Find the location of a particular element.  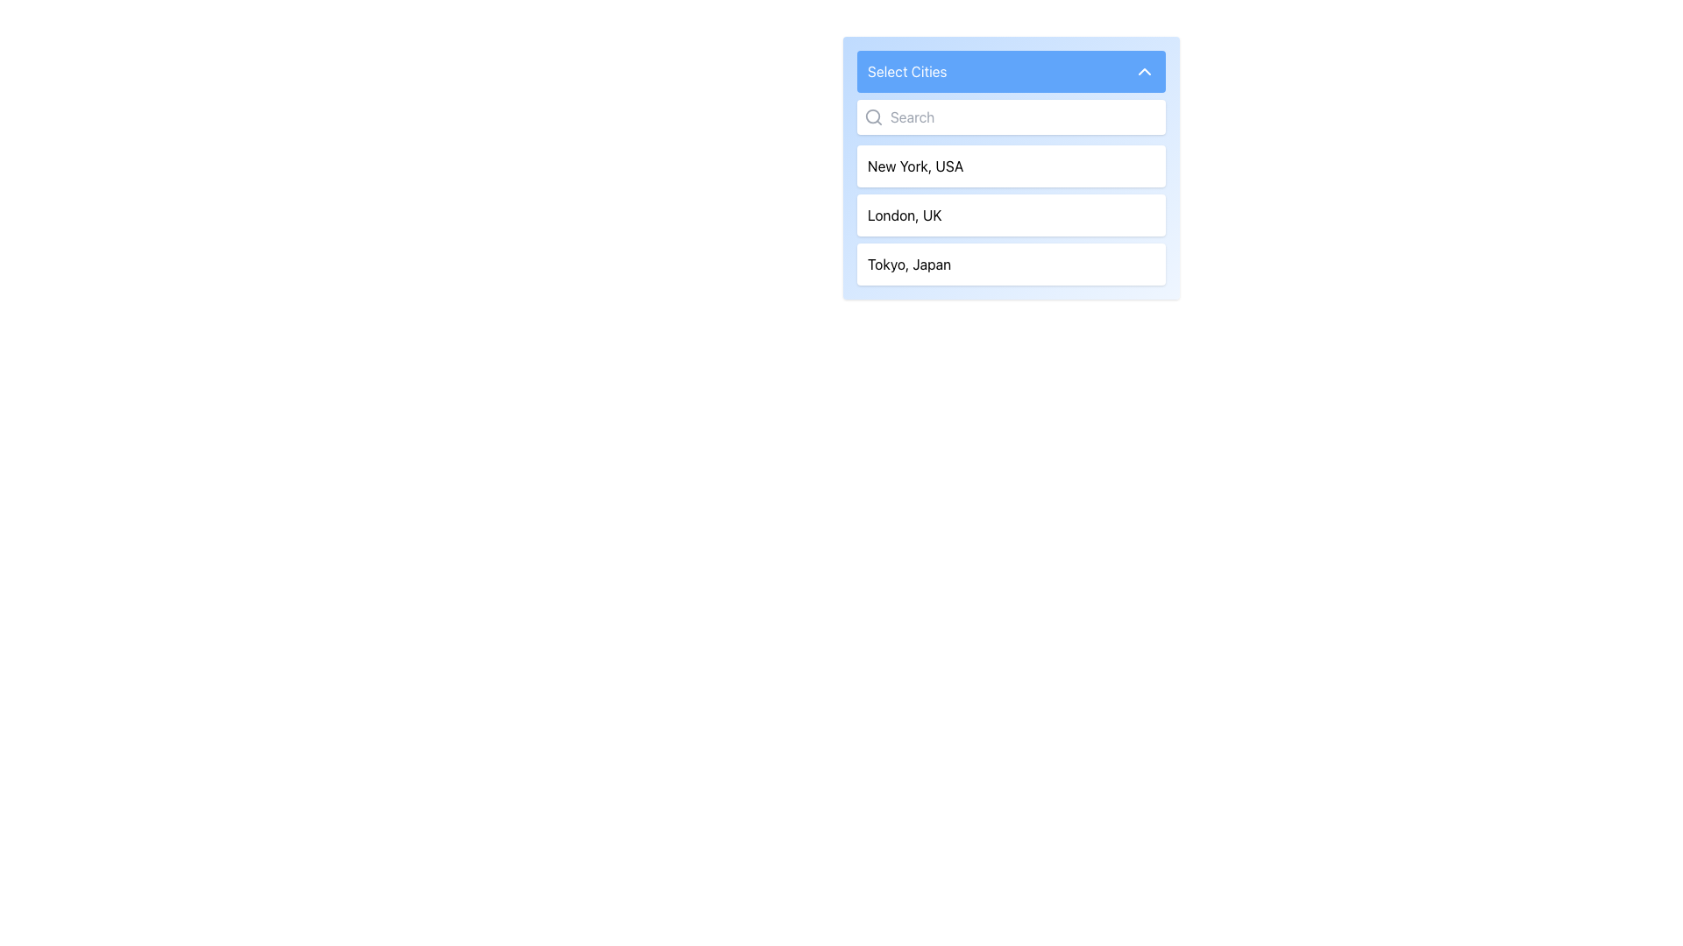

the first option in the dropdown menu that allows users to select 'New York, USA' is located at coordinates (1011, 168).